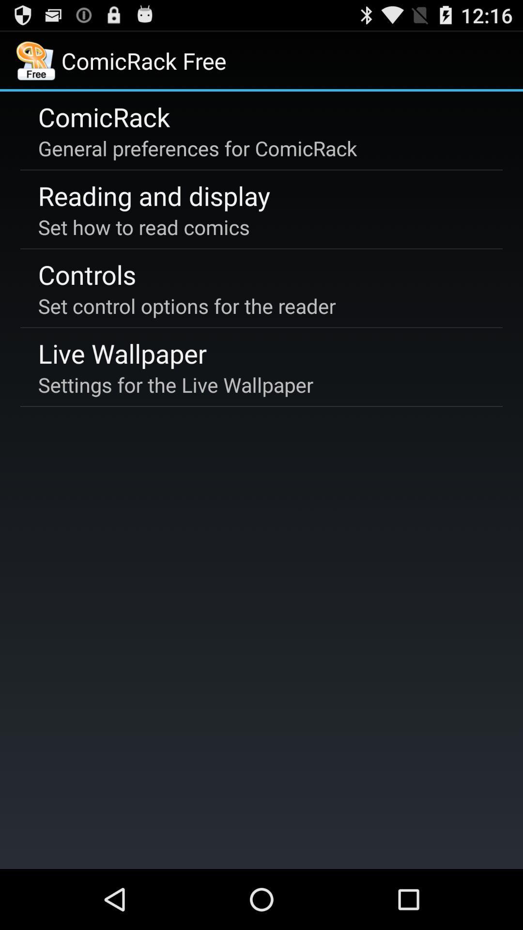 This screenshot has width=523, height=930. I want to click on set how to item, so click(144, 226).